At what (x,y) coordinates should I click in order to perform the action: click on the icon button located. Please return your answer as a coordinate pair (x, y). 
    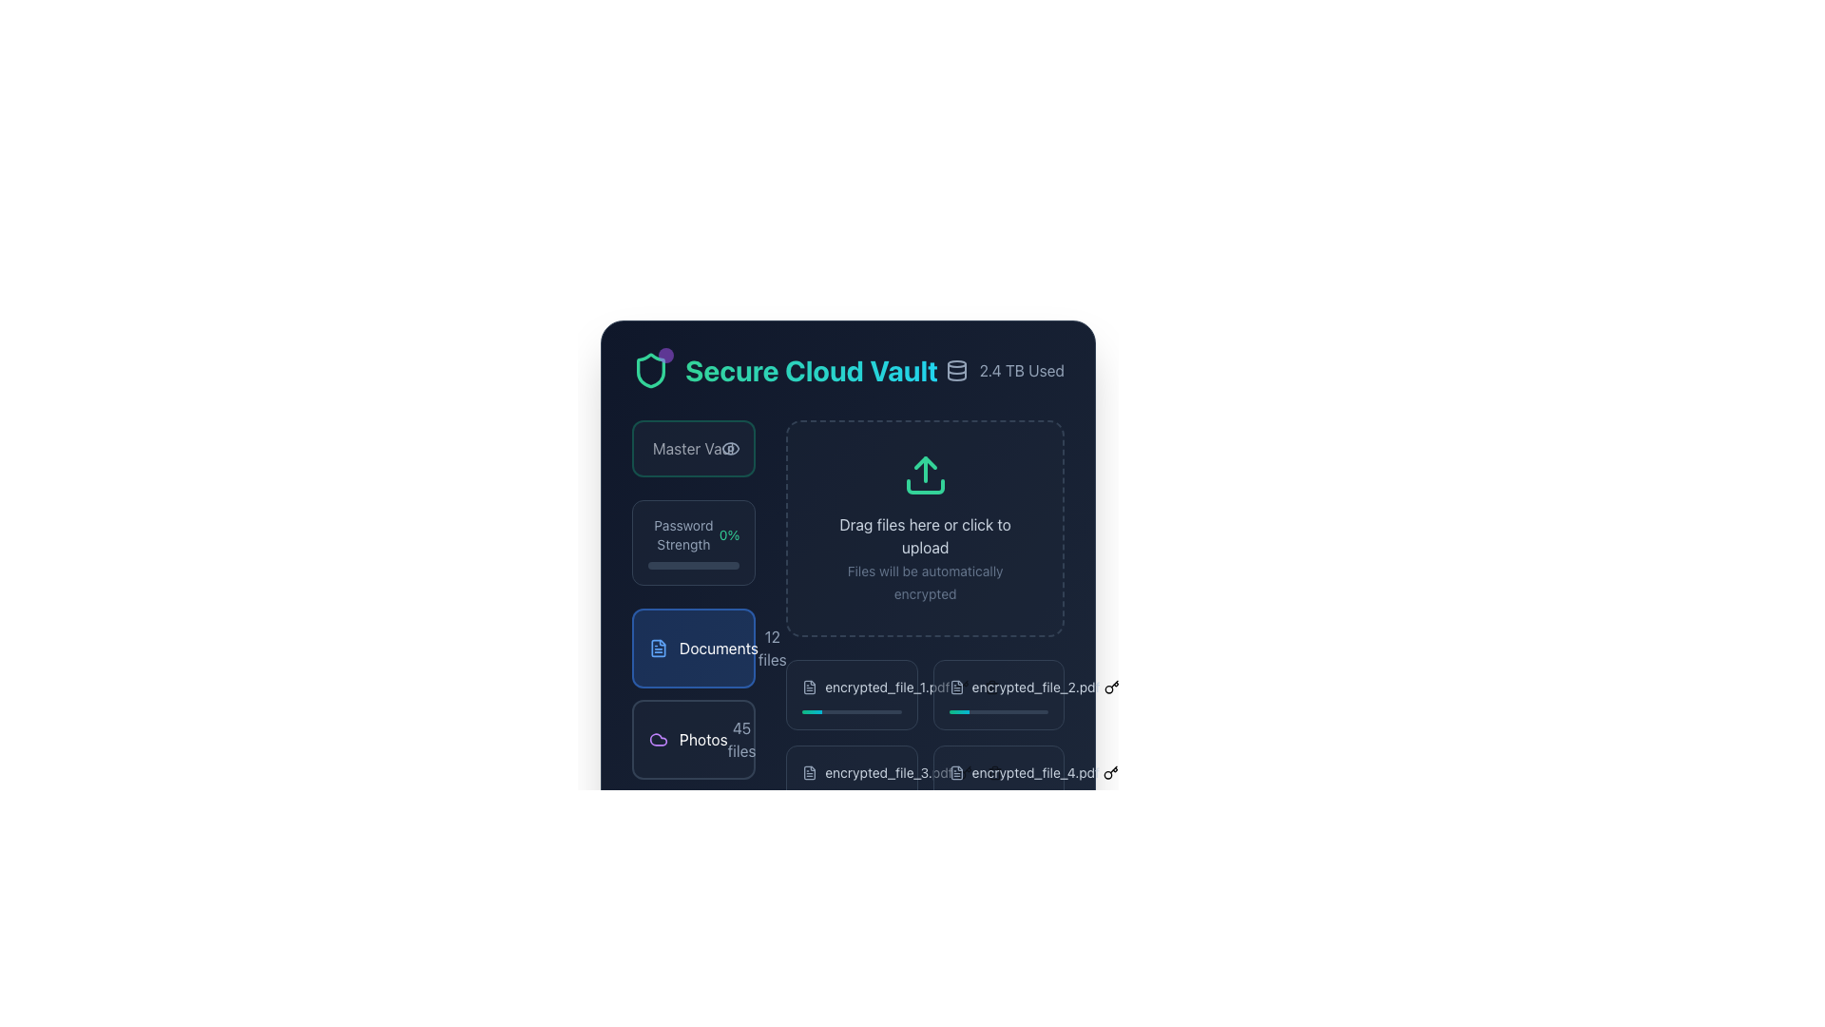
    Looking at the image, I should click on (964, 773).